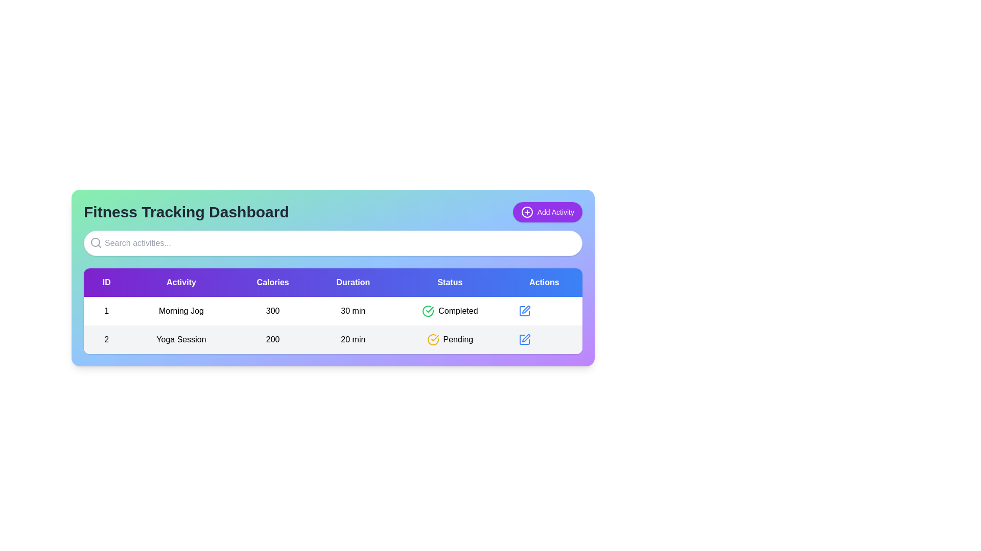 This screenshot has height=551, width=981. I want to click on the read-only text box displaying '30 min' located under the 'Duration' header in the table, so click(353, 310).